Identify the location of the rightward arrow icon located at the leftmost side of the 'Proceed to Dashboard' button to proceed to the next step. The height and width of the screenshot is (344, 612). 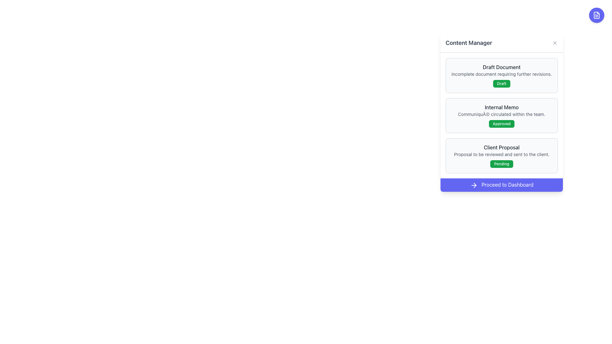
(474, 185).